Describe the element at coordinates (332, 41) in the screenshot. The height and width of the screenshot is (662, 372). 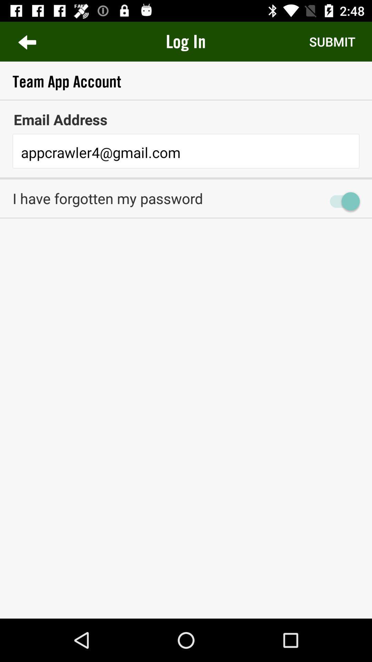
I see `the icon next to log in icon` at that location.